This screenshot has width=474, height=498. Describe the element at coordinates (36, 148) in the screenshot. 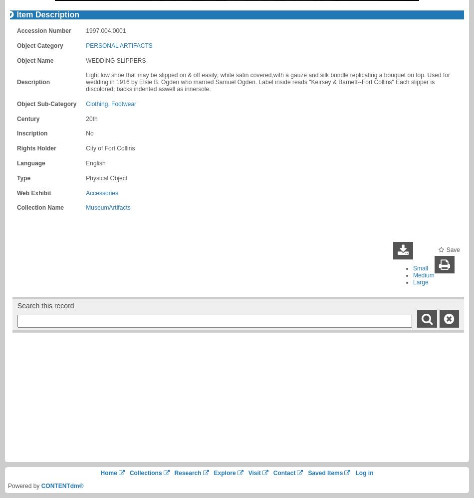

I see `'Rights Holder'` at that location.